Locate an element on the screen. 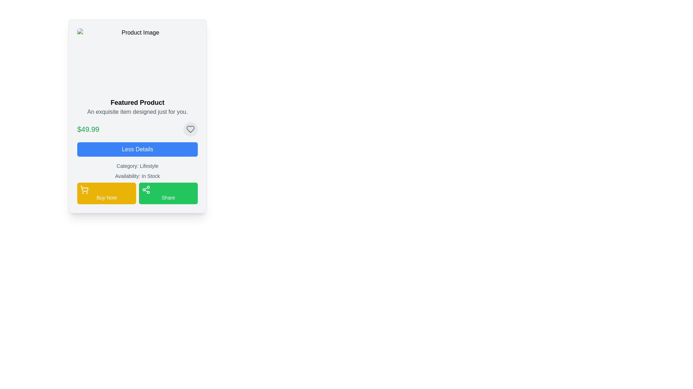 The height and width of the screenshot is (389, 693). the 'Less Details' button, which is a rectangular button with white text on a blue background, located below the price and to the left of the description section is located at coordinates (137, 149).